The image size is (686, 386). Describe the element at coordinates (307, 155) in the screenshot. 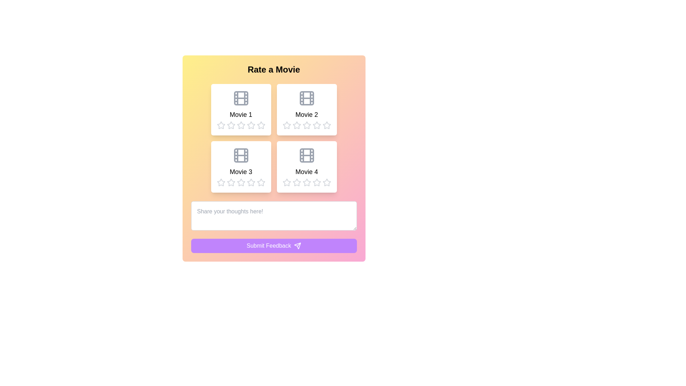

I see `the film reel icon located at the top center of the 'Movie 4' content box in the bottom right corner of the grid` at that location.